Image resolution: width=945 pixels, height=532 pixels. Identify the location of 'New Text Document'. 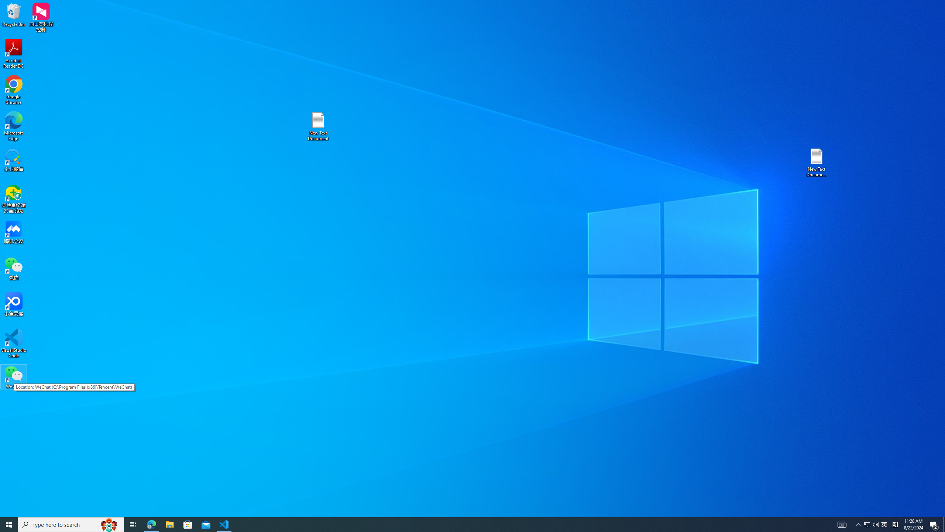
(317, 126).